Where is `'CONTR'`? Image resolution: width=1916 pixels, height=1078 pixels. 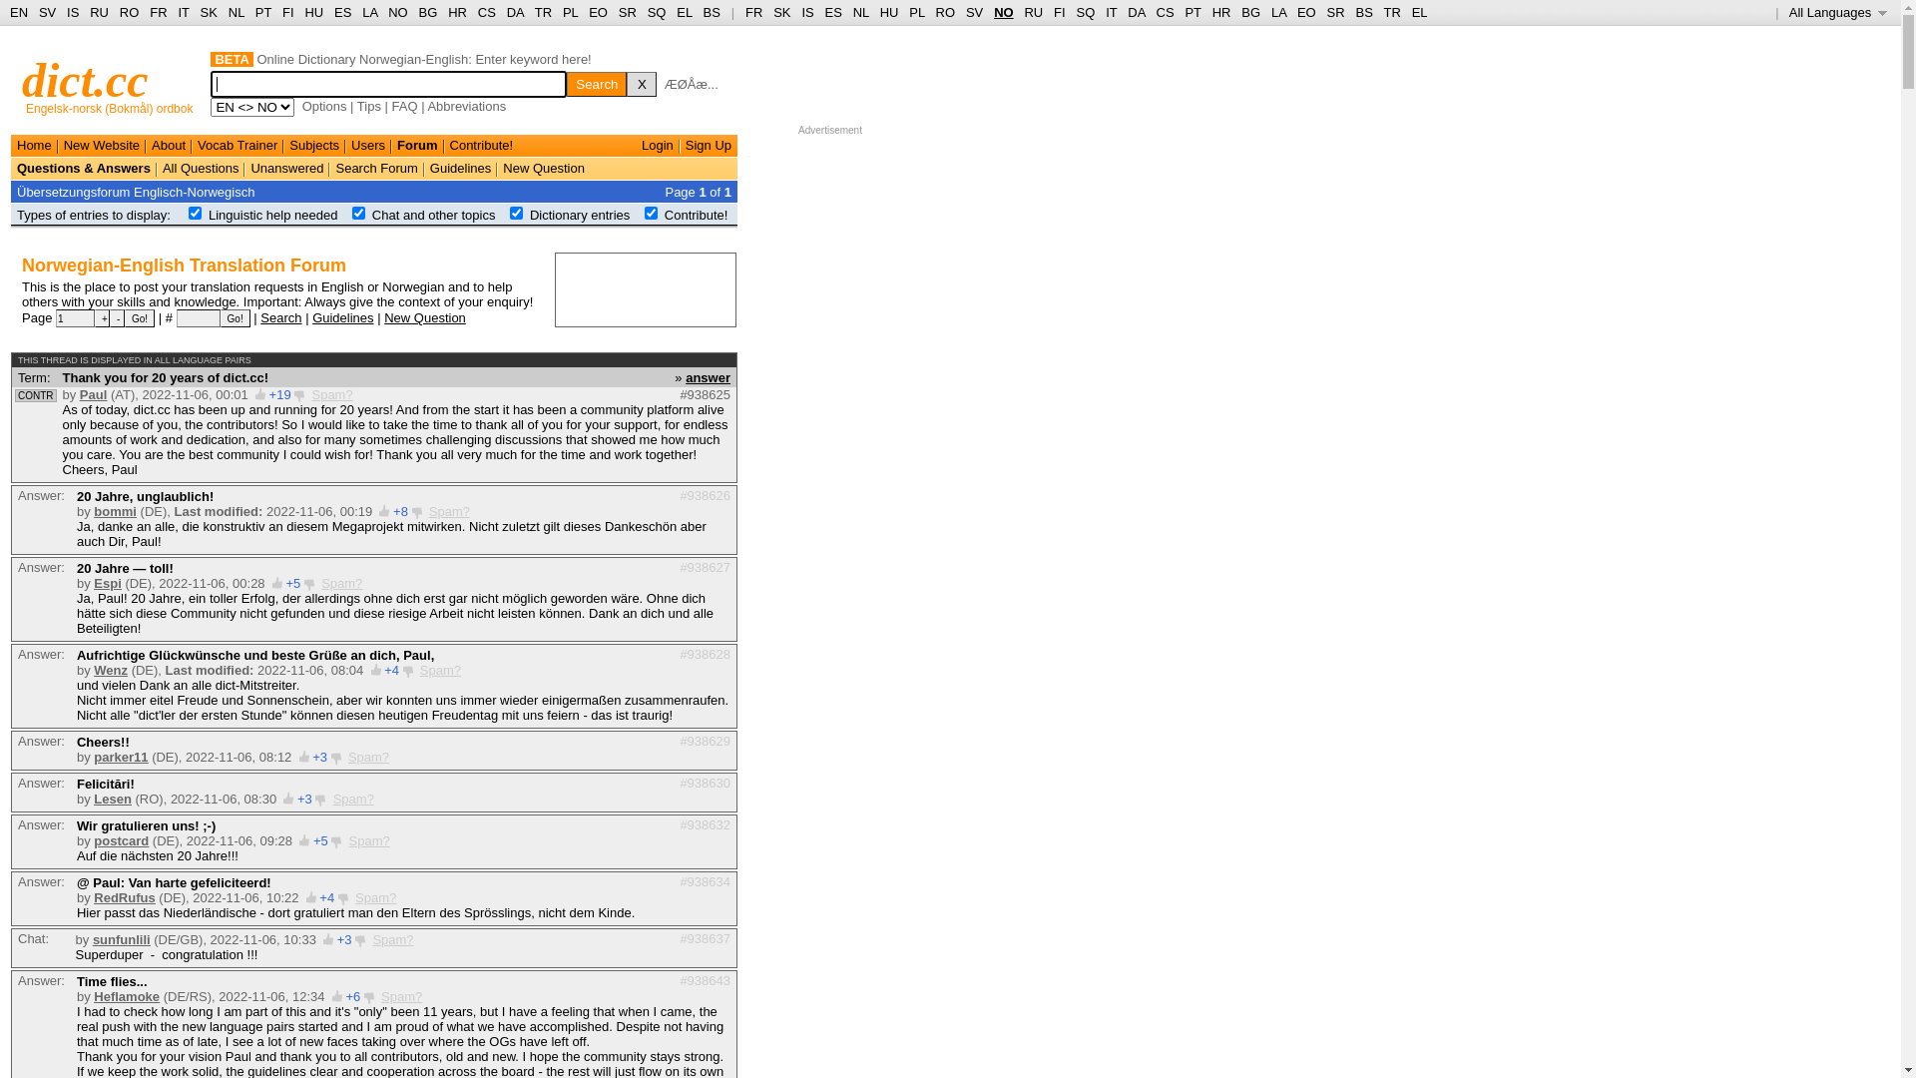 'CONTR' is located at coordinates (35, 395).